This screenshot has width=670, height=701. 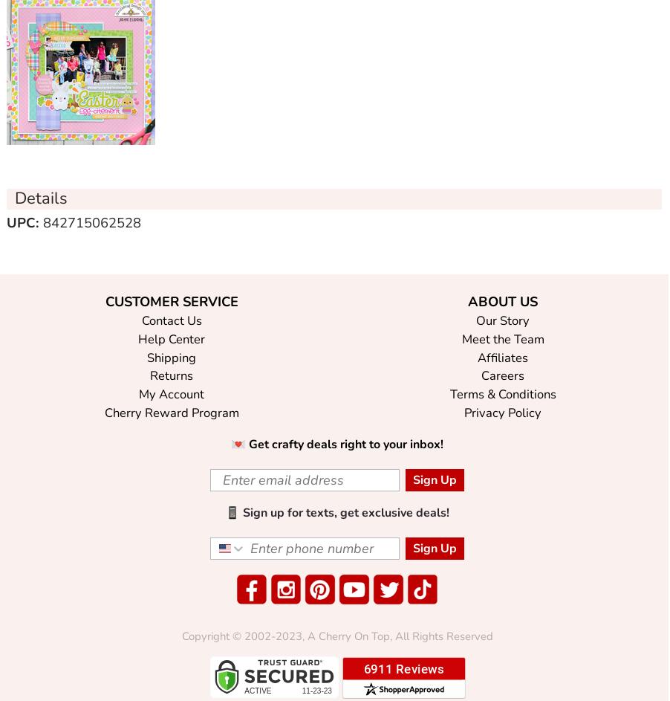 I want to click on '842715062528', so click(x=92, y=222).